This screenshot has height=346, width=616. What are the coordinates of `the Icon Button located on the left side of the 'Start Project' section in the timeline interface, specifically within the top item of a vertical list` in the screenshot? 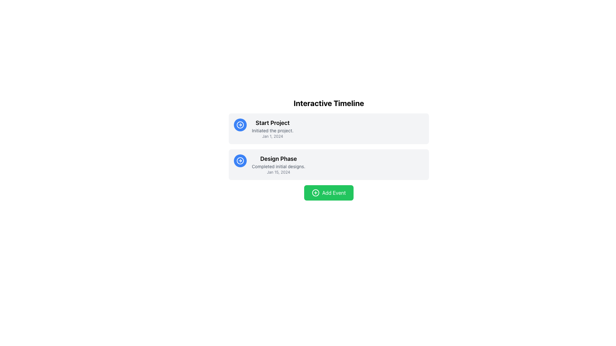 It's located at (240, 125).